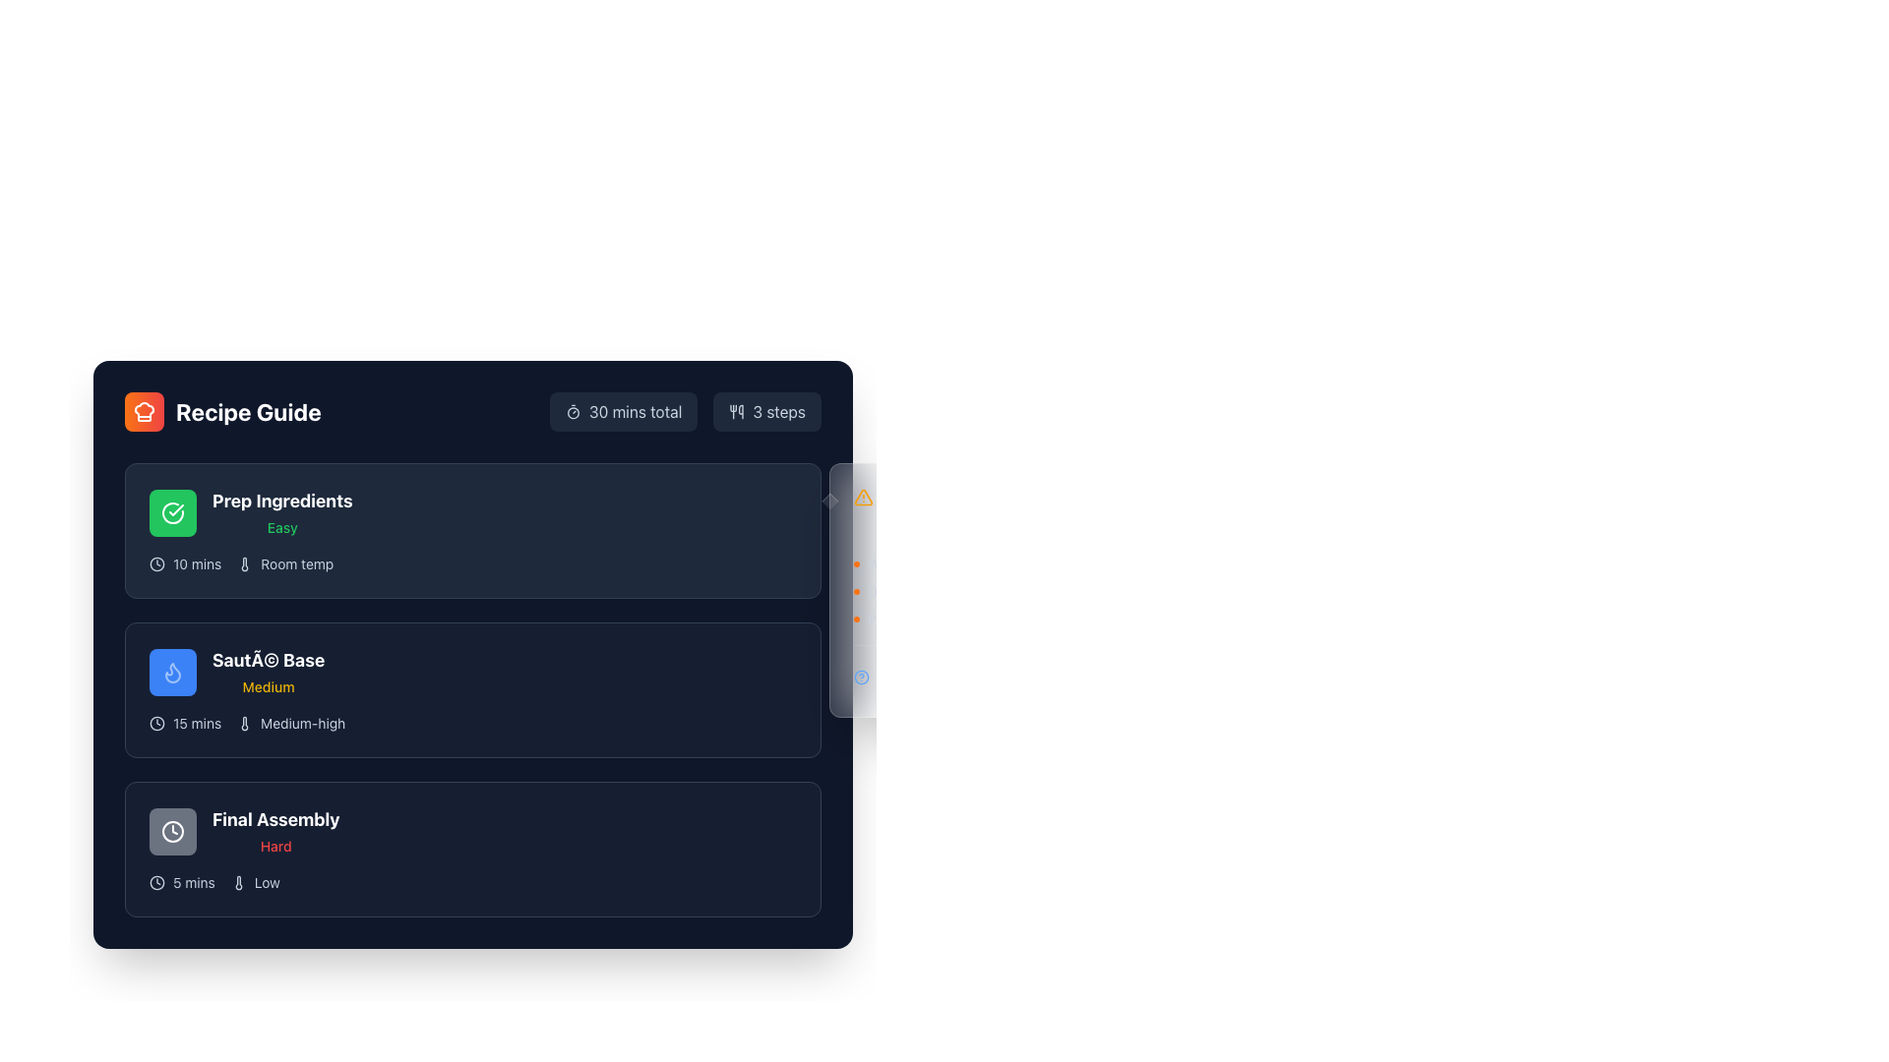  What do you see at coordinates (244, 564) in the screenshot?
I see `the thermometer-like icon in the 'Recipe Guide' list under the step 'Prep Ingredients', positioned slightly to the left of the 'Room temp' text` at bounding box center [244, 564].